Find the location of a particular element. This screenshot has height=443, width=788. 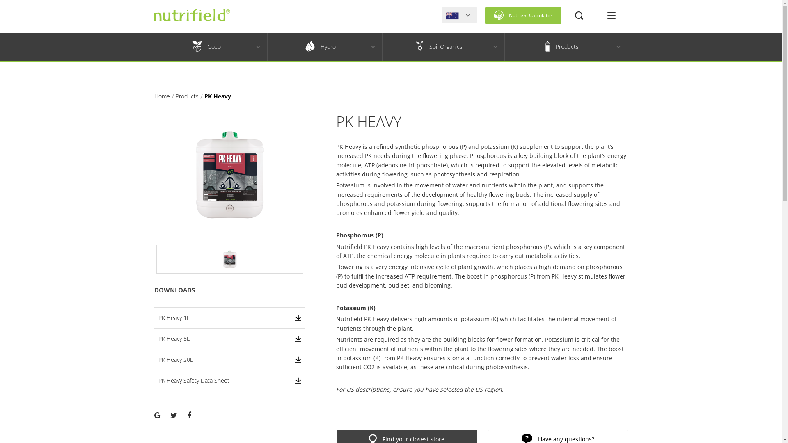

'PK Heavy 1L' is located at coordinates (230, 317).